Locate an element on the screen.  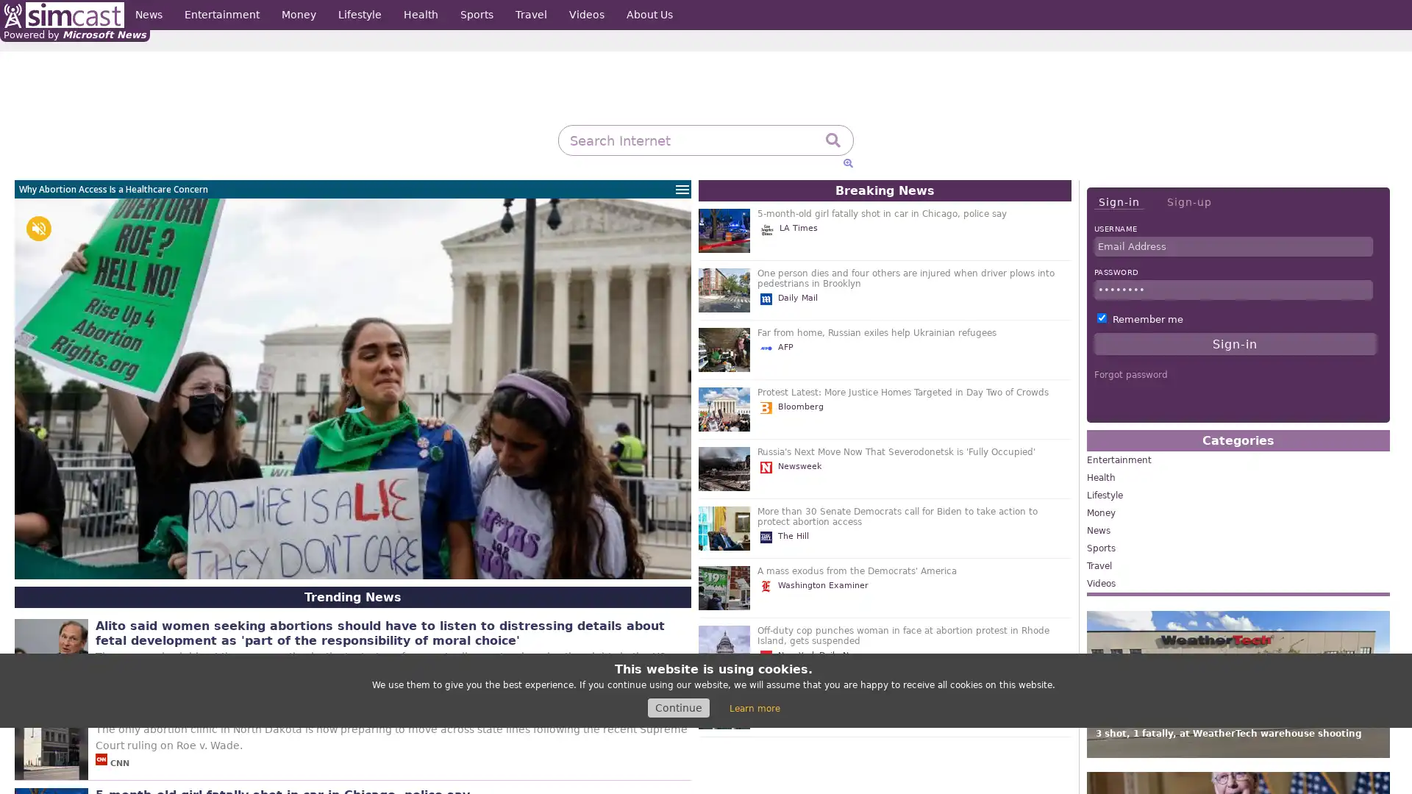
Sign-up is located at coordinates (1188, 201).